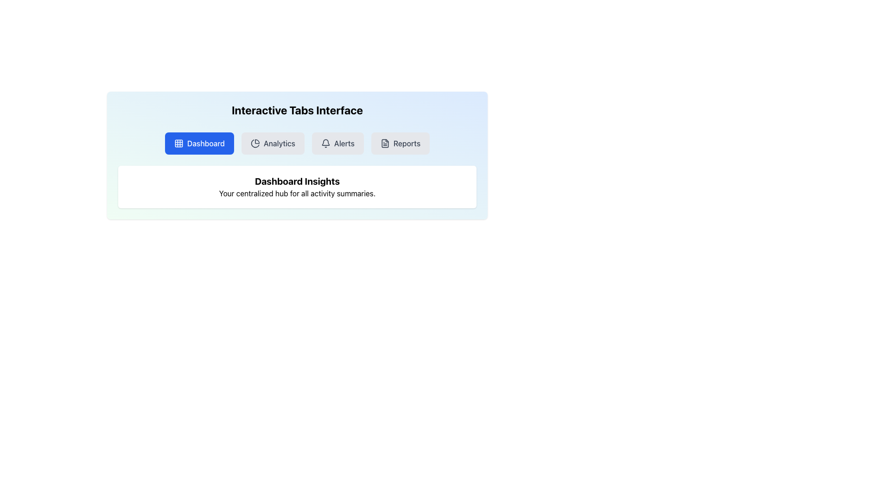 The width and height of the screenshot is (890, 500). What do you see at coordinates (178, 143) in the screenshot?
I see `the small grid icon located to the immediate left of the 'Dashboard' button at the top left part of the interface` at bounding box center [178, 143].